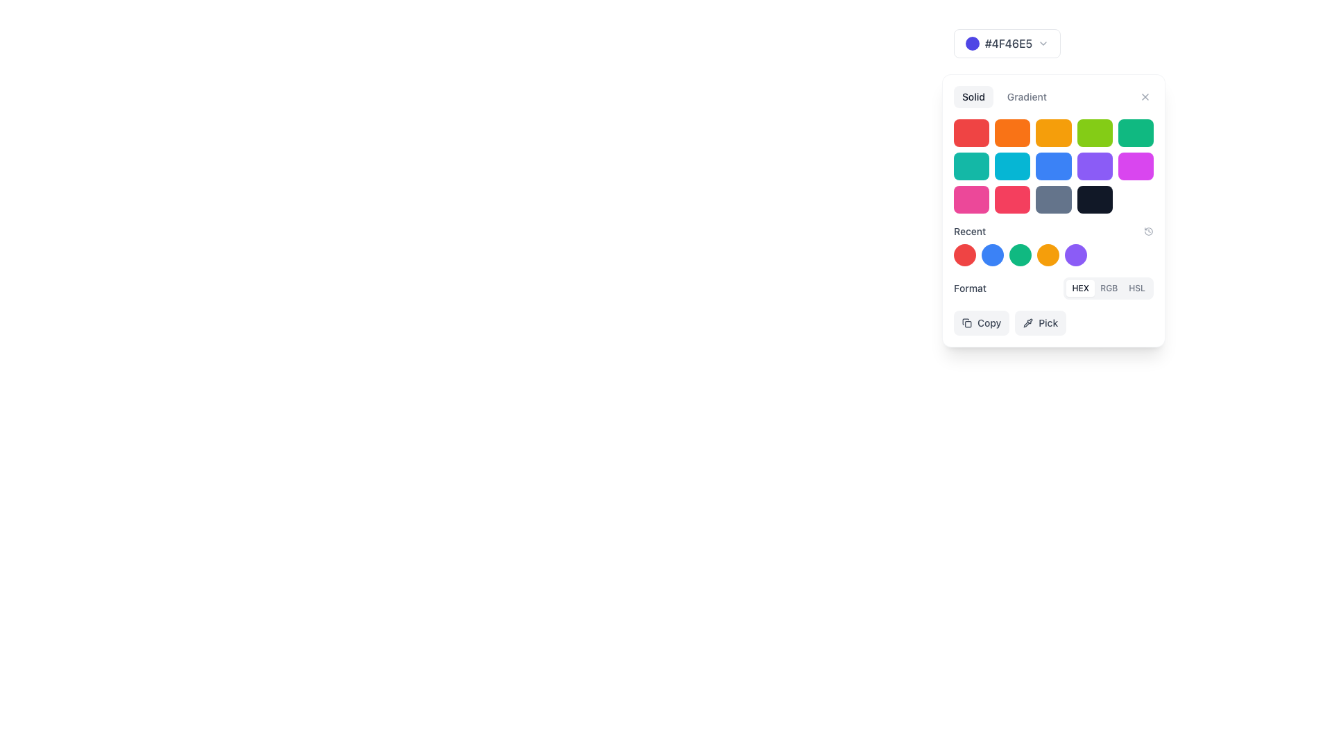 The height and width of the screenshot is (749, 1332). I want to click on the heading labeled 'Recent', which is located above the row of colored circular elements in the color picker interface, so click(1053, 245).